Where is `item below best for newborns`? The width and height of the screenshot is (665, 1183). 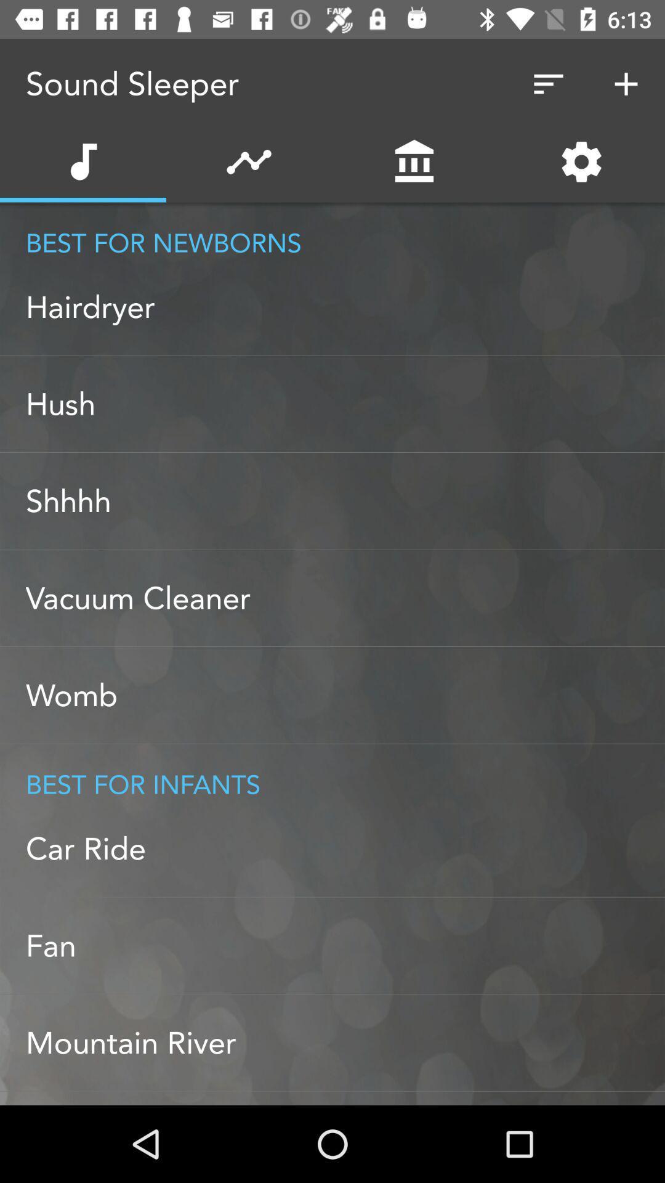 item below best for newborns is located at coordinates (345, 307).